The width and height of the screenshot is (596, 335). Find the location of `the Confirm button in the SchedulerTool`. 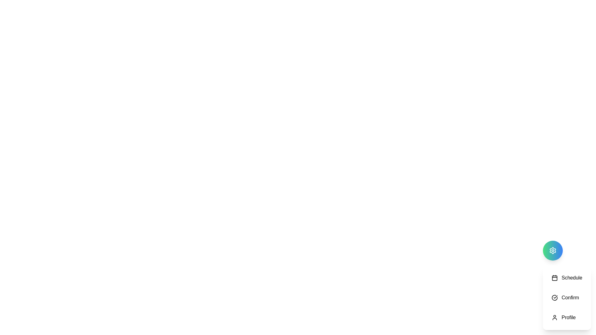

the Confirm button in the SchedulerTool is located at coordinates (567, 297).